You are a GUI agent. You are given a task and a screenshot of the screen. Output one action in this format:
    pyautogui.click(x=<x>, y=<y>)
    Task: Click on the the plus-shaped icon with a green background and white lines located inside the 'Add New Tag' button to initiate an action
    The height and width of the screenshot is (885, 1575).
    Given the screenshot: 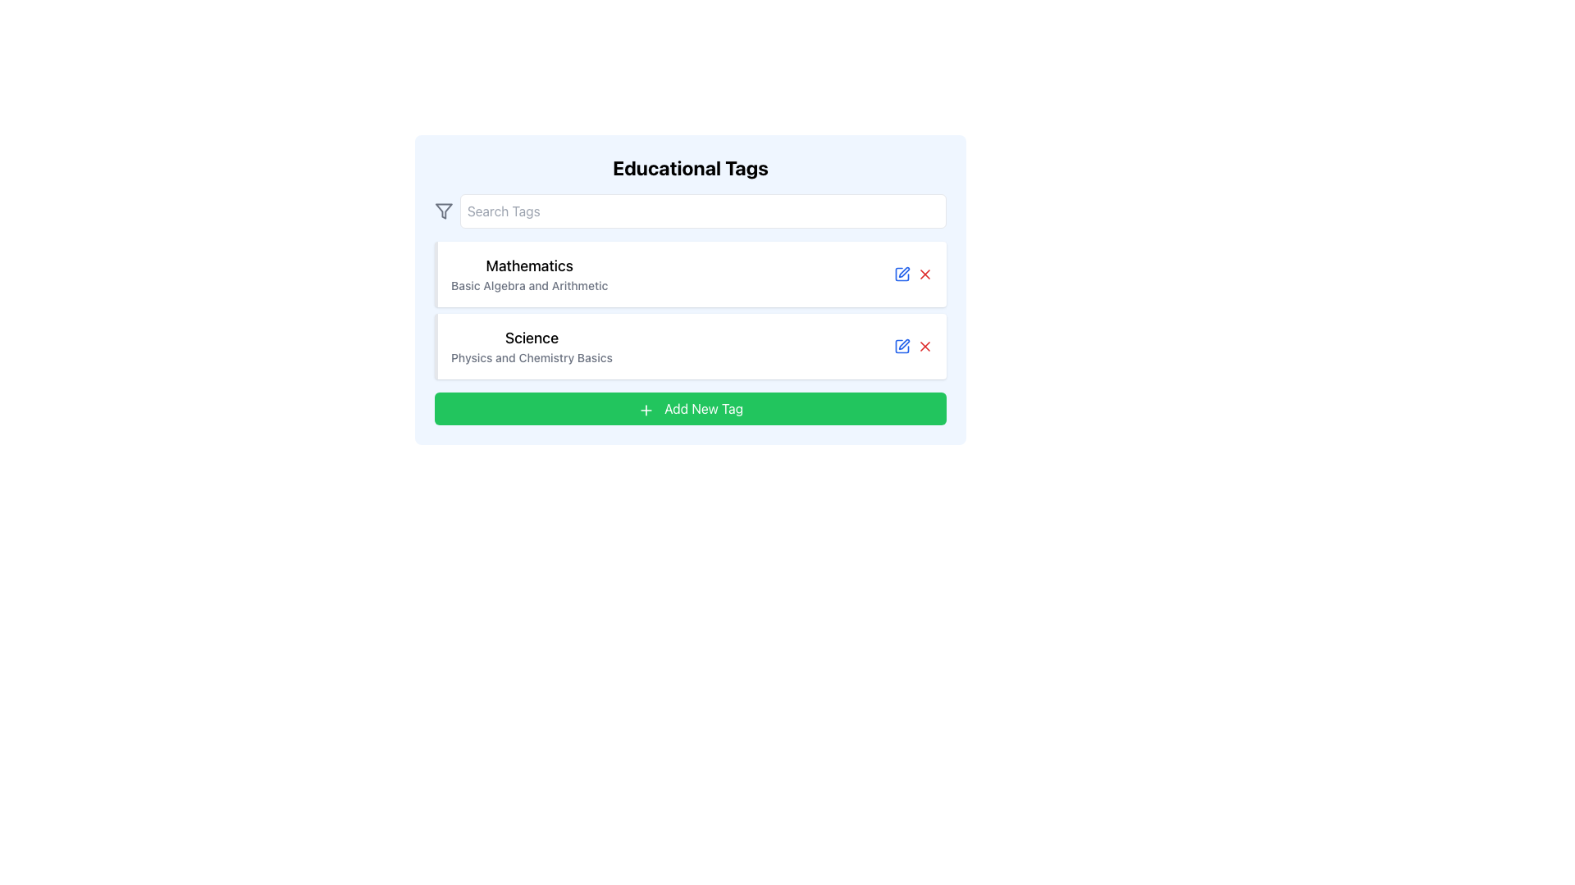 What is the action you would take?
    pyautogui.click(x=645, y=409)
    